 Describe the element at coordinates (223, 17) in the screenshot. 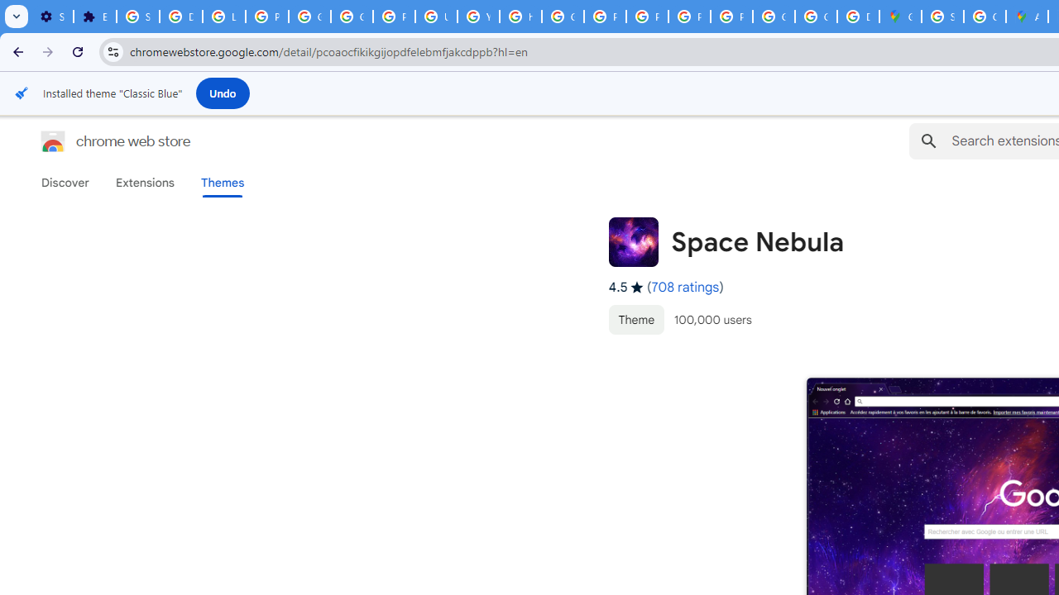

I see `'Learn how to find your photos - Google Photos Help'` at that location.